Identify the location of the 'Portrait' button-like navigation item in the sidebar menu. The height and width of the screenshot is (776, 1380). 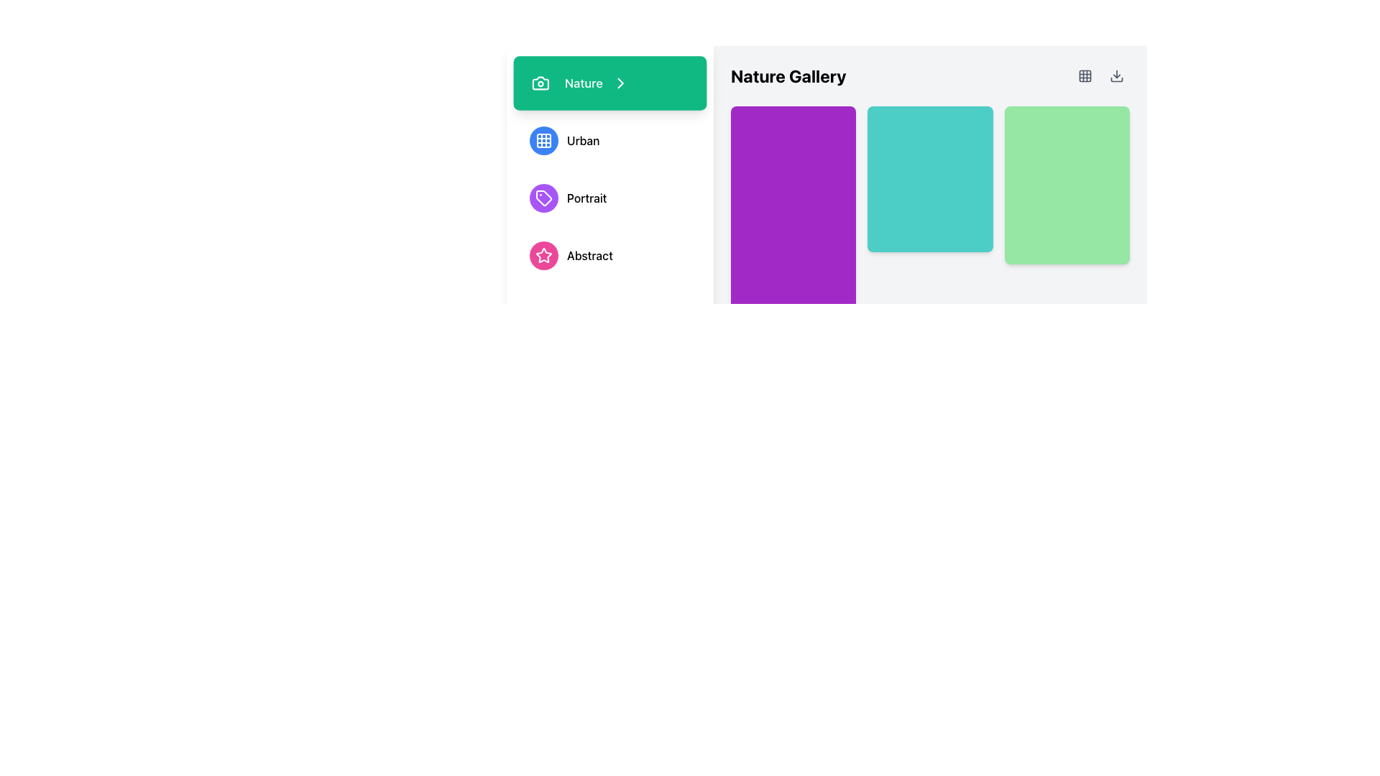
(610, 198).